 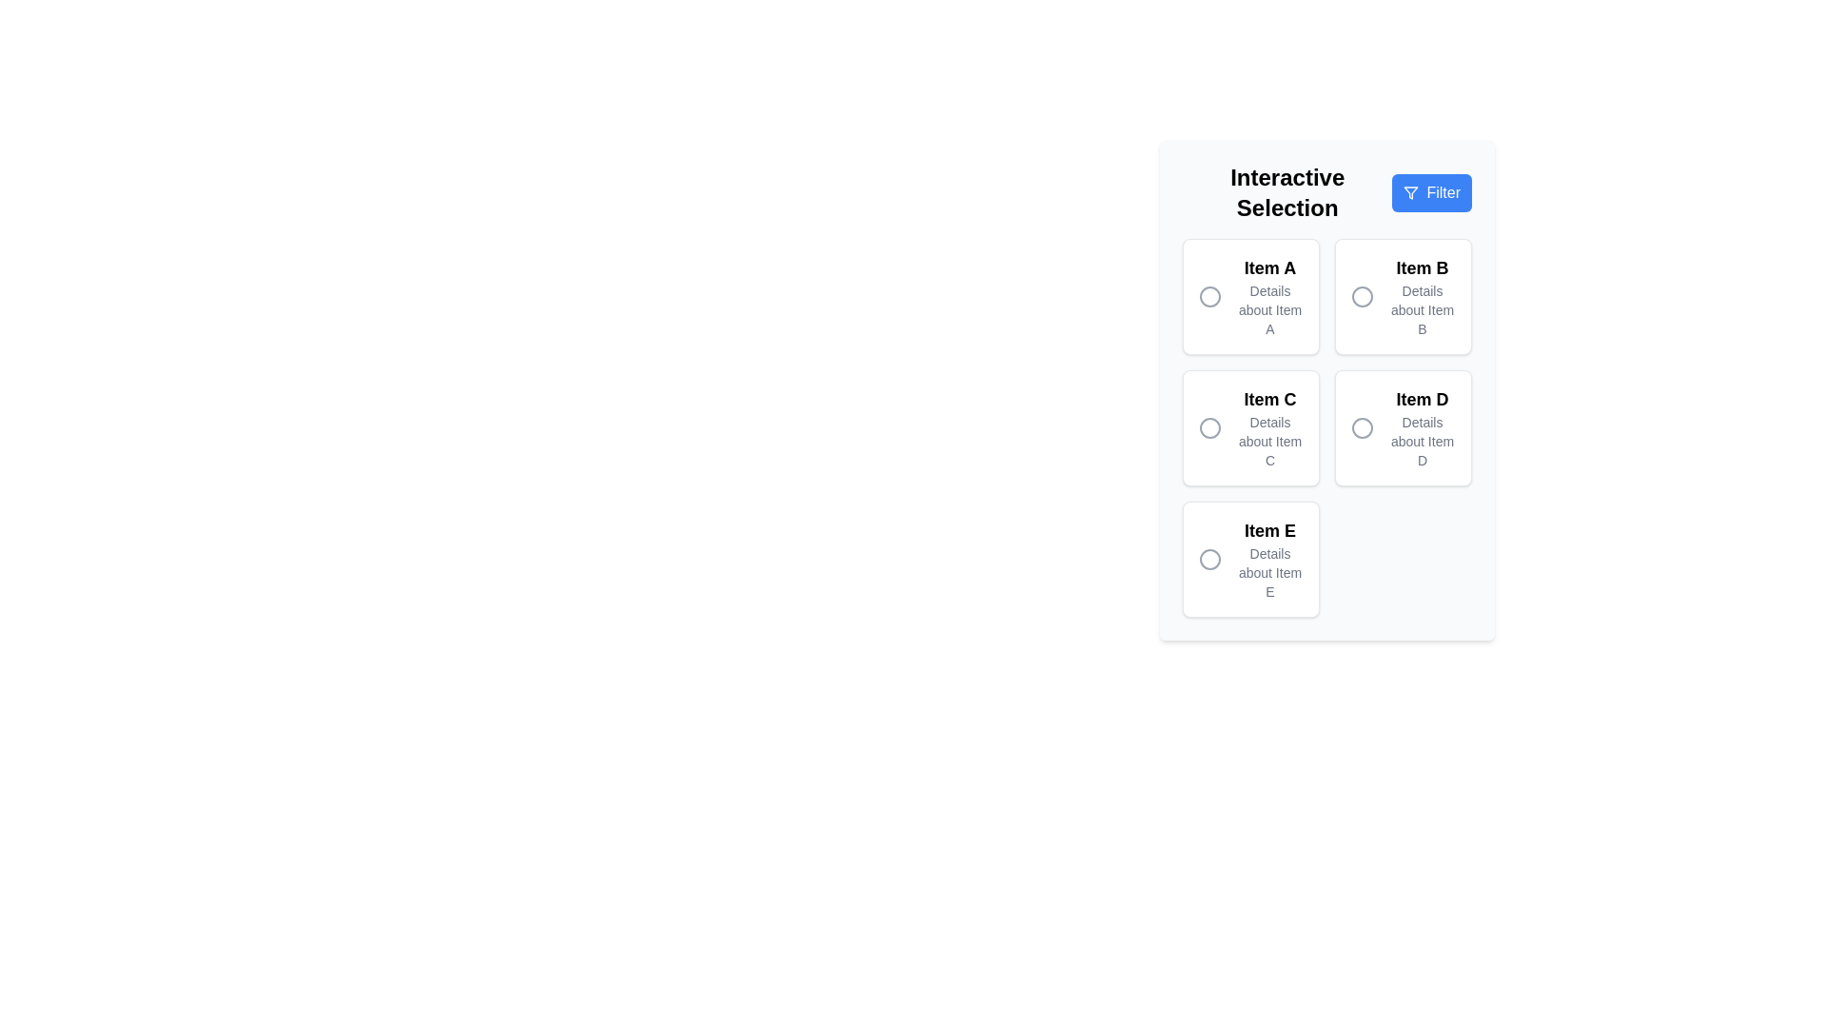 What do you see at coordinates (1403, 428) in the screenshot?
I see `the selectable card with a radio button for 'Item D' located in the second column and second row of the 'Interactive Selection' section` at bounding box center [1403, 428].